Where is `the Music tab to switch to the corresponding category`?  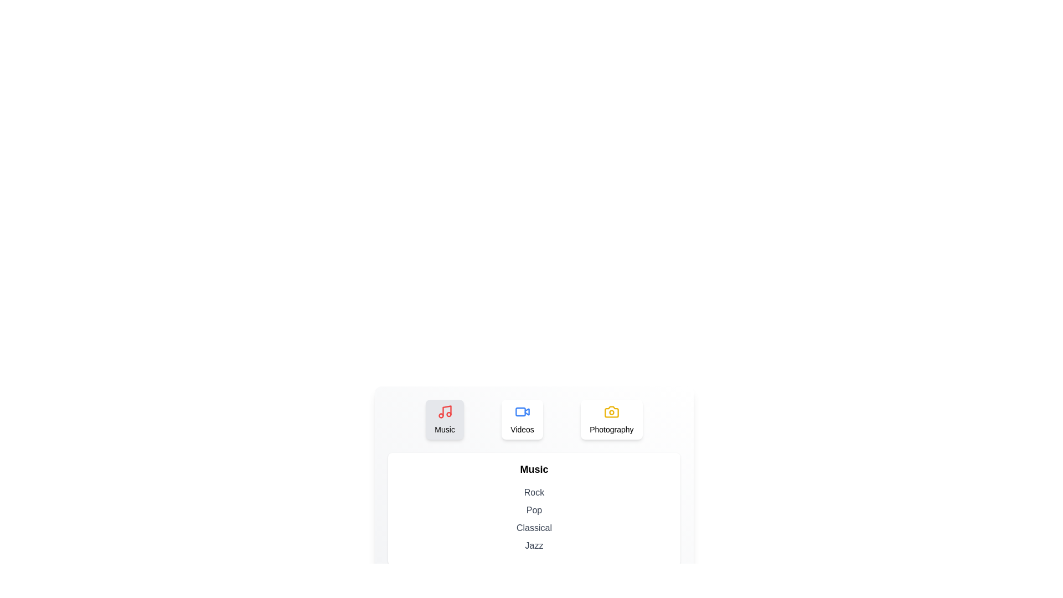 the Music tab to switch to the corresponding category is located at coordinates (445, 420).